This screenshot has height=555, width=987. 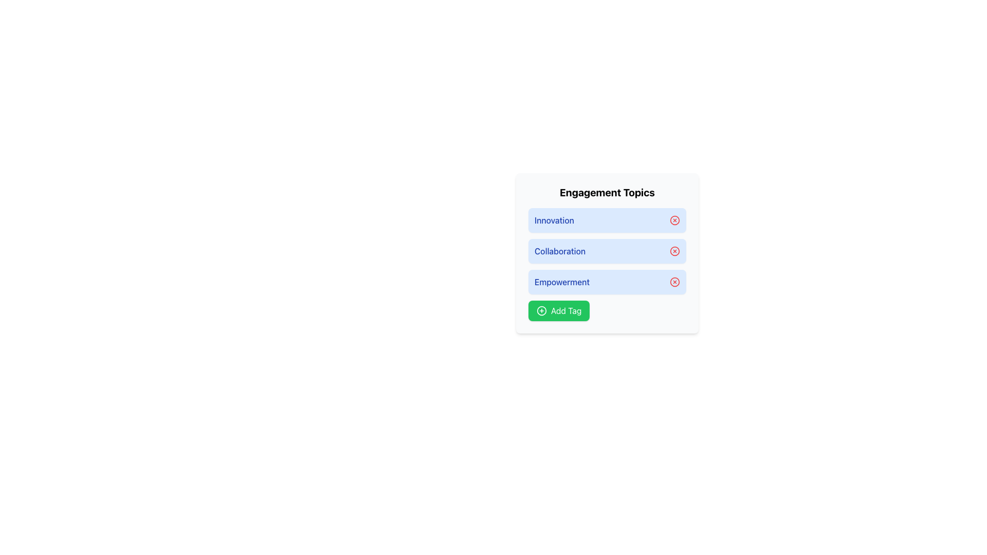 I want to click on the delete button next to the 'Collaboration' label, so click(x=675, y=251).